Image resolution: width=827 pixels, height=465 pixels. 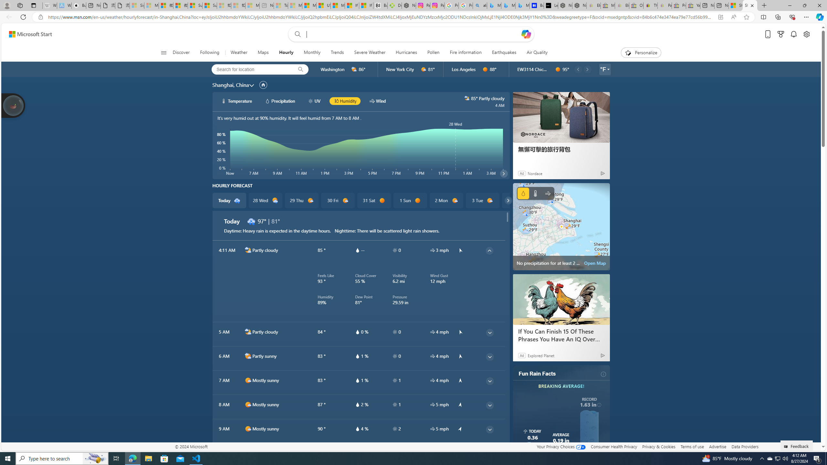 I want to click on '1 Sun d0000', so click(x=409, y=200).